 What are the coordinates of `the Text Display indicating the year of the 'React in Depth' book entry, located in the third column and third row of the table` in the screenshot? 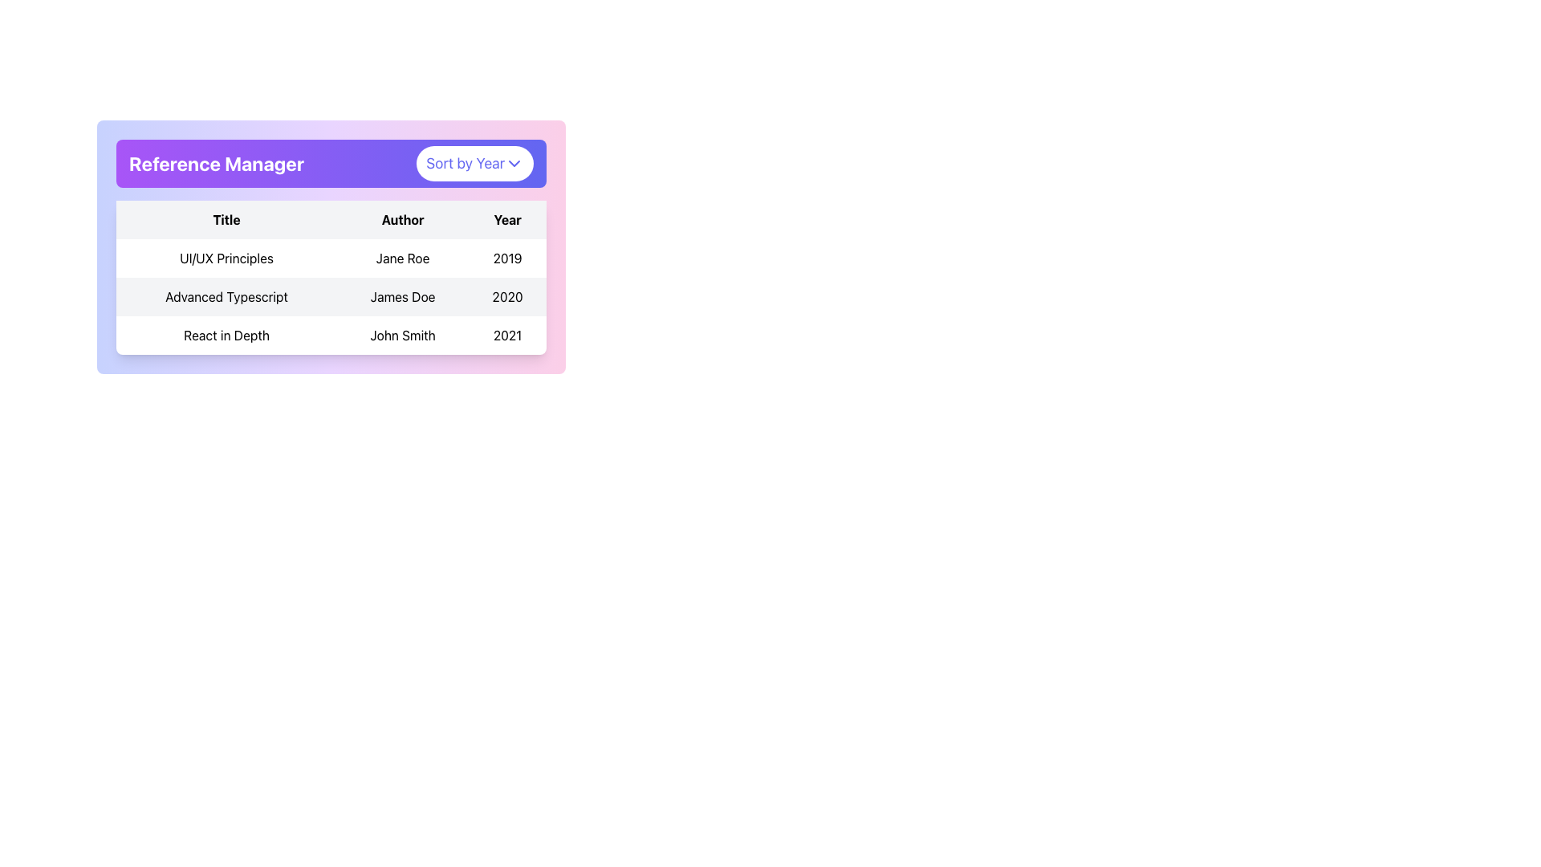 It's located at (506, 334).